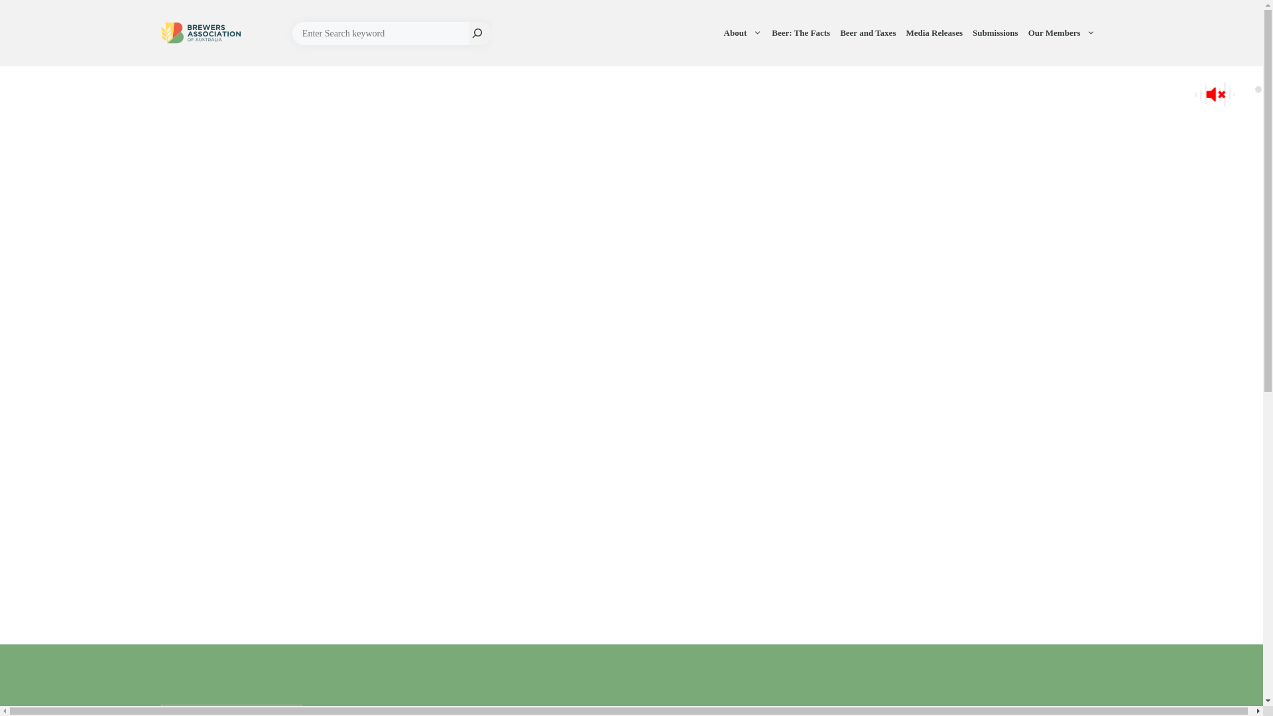  Describe the element at coordinates (935, 32) in the screenshot. I see `'Media Releases'` at that location.